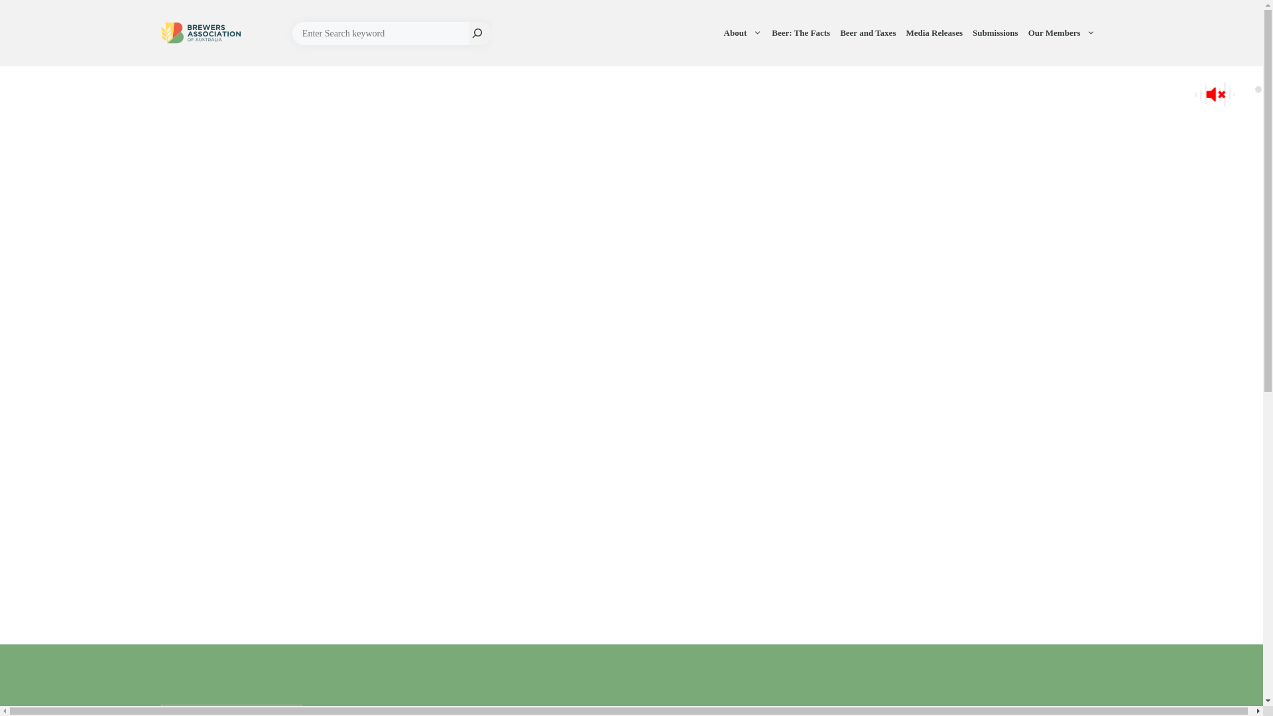  Describe the element at coordinates (935, 32) in the screenshot. I see `'Media Releases'` at that location.